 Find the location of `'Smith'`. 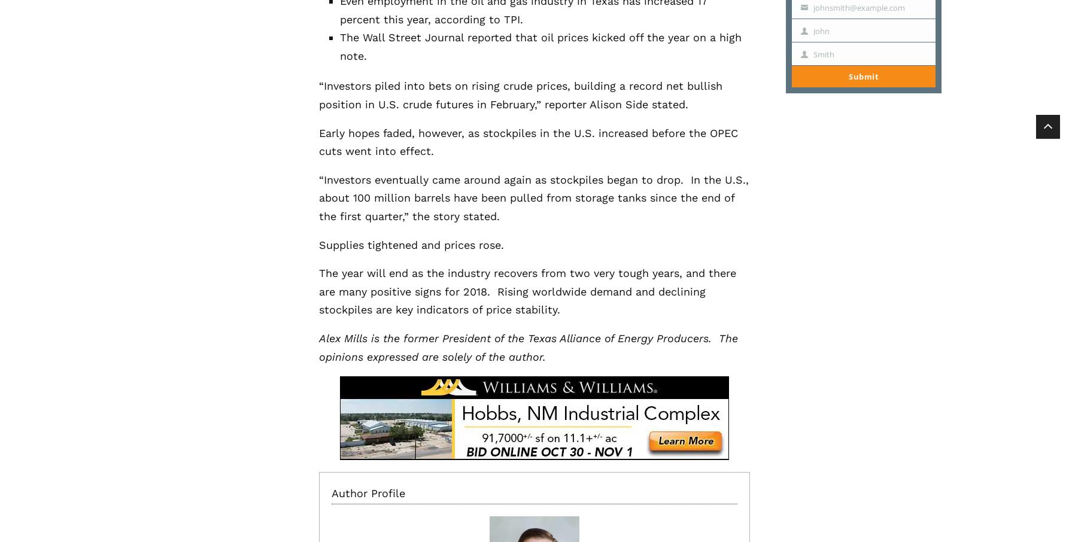

'Smith' is located at coordinates (812, 53).